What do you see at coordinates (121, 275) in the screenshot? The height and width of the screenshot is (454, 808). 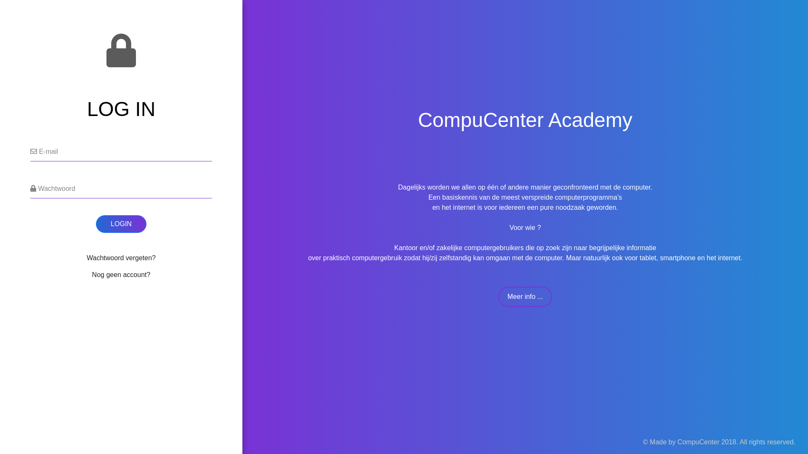 I see `'Nog geen account?'` at bounding box center [121, 275].